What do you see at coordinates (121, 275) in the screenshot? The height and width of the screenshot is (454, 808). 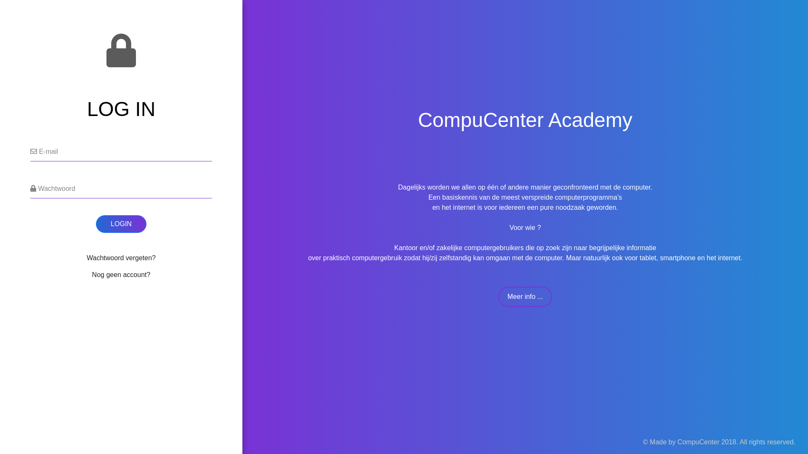 I see `'Nog geen account?'` at bounding box center [121, 275].